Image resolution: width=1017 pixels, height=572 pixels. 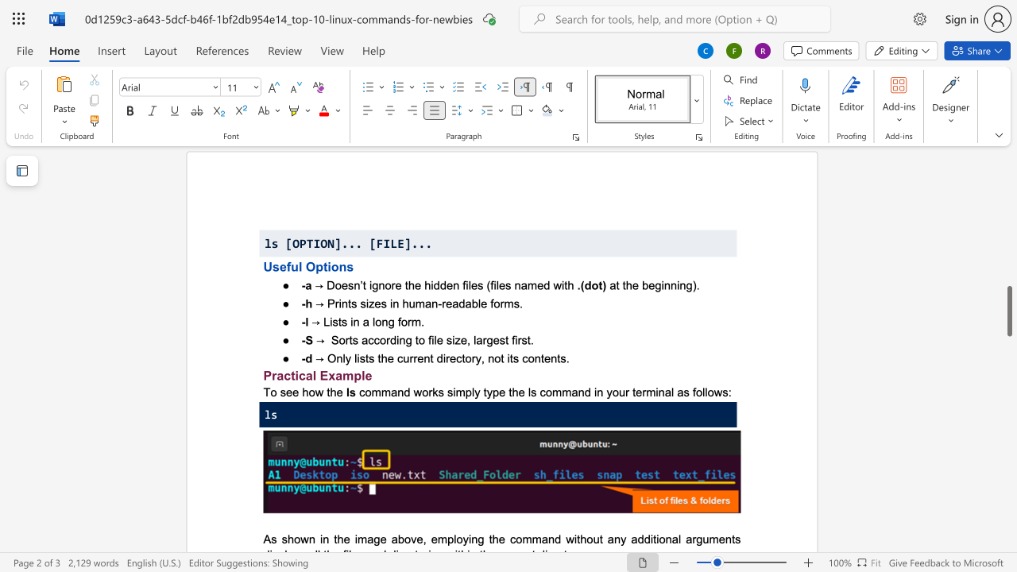 What do you see at coordinates (1008, 222) in the screenshot?
I see `the scrollbar to scroll the page up` at bounding box center [1008, 222].